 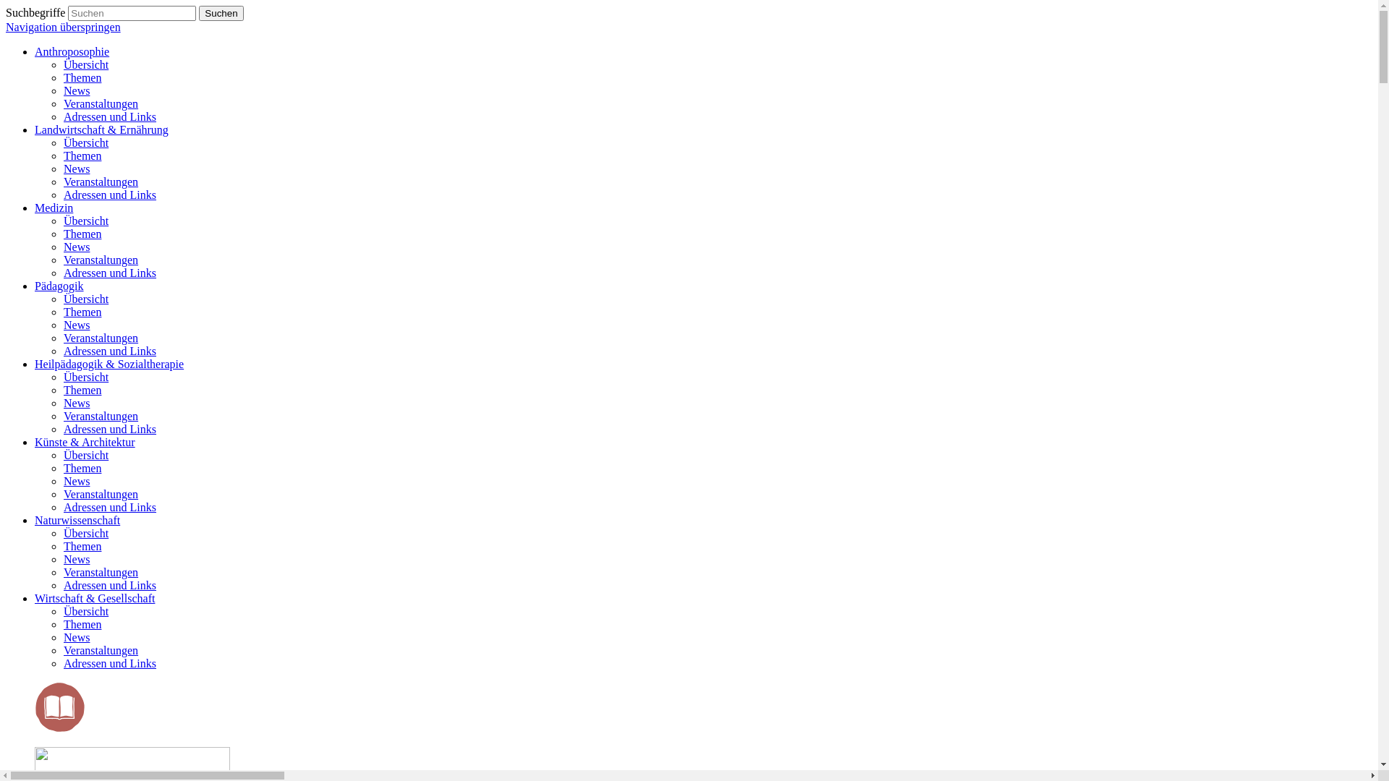 What do you see at coordinates (109, 116) in the screenshot?
I see `'Adressen und Links'` at bounding box center [109, 116].